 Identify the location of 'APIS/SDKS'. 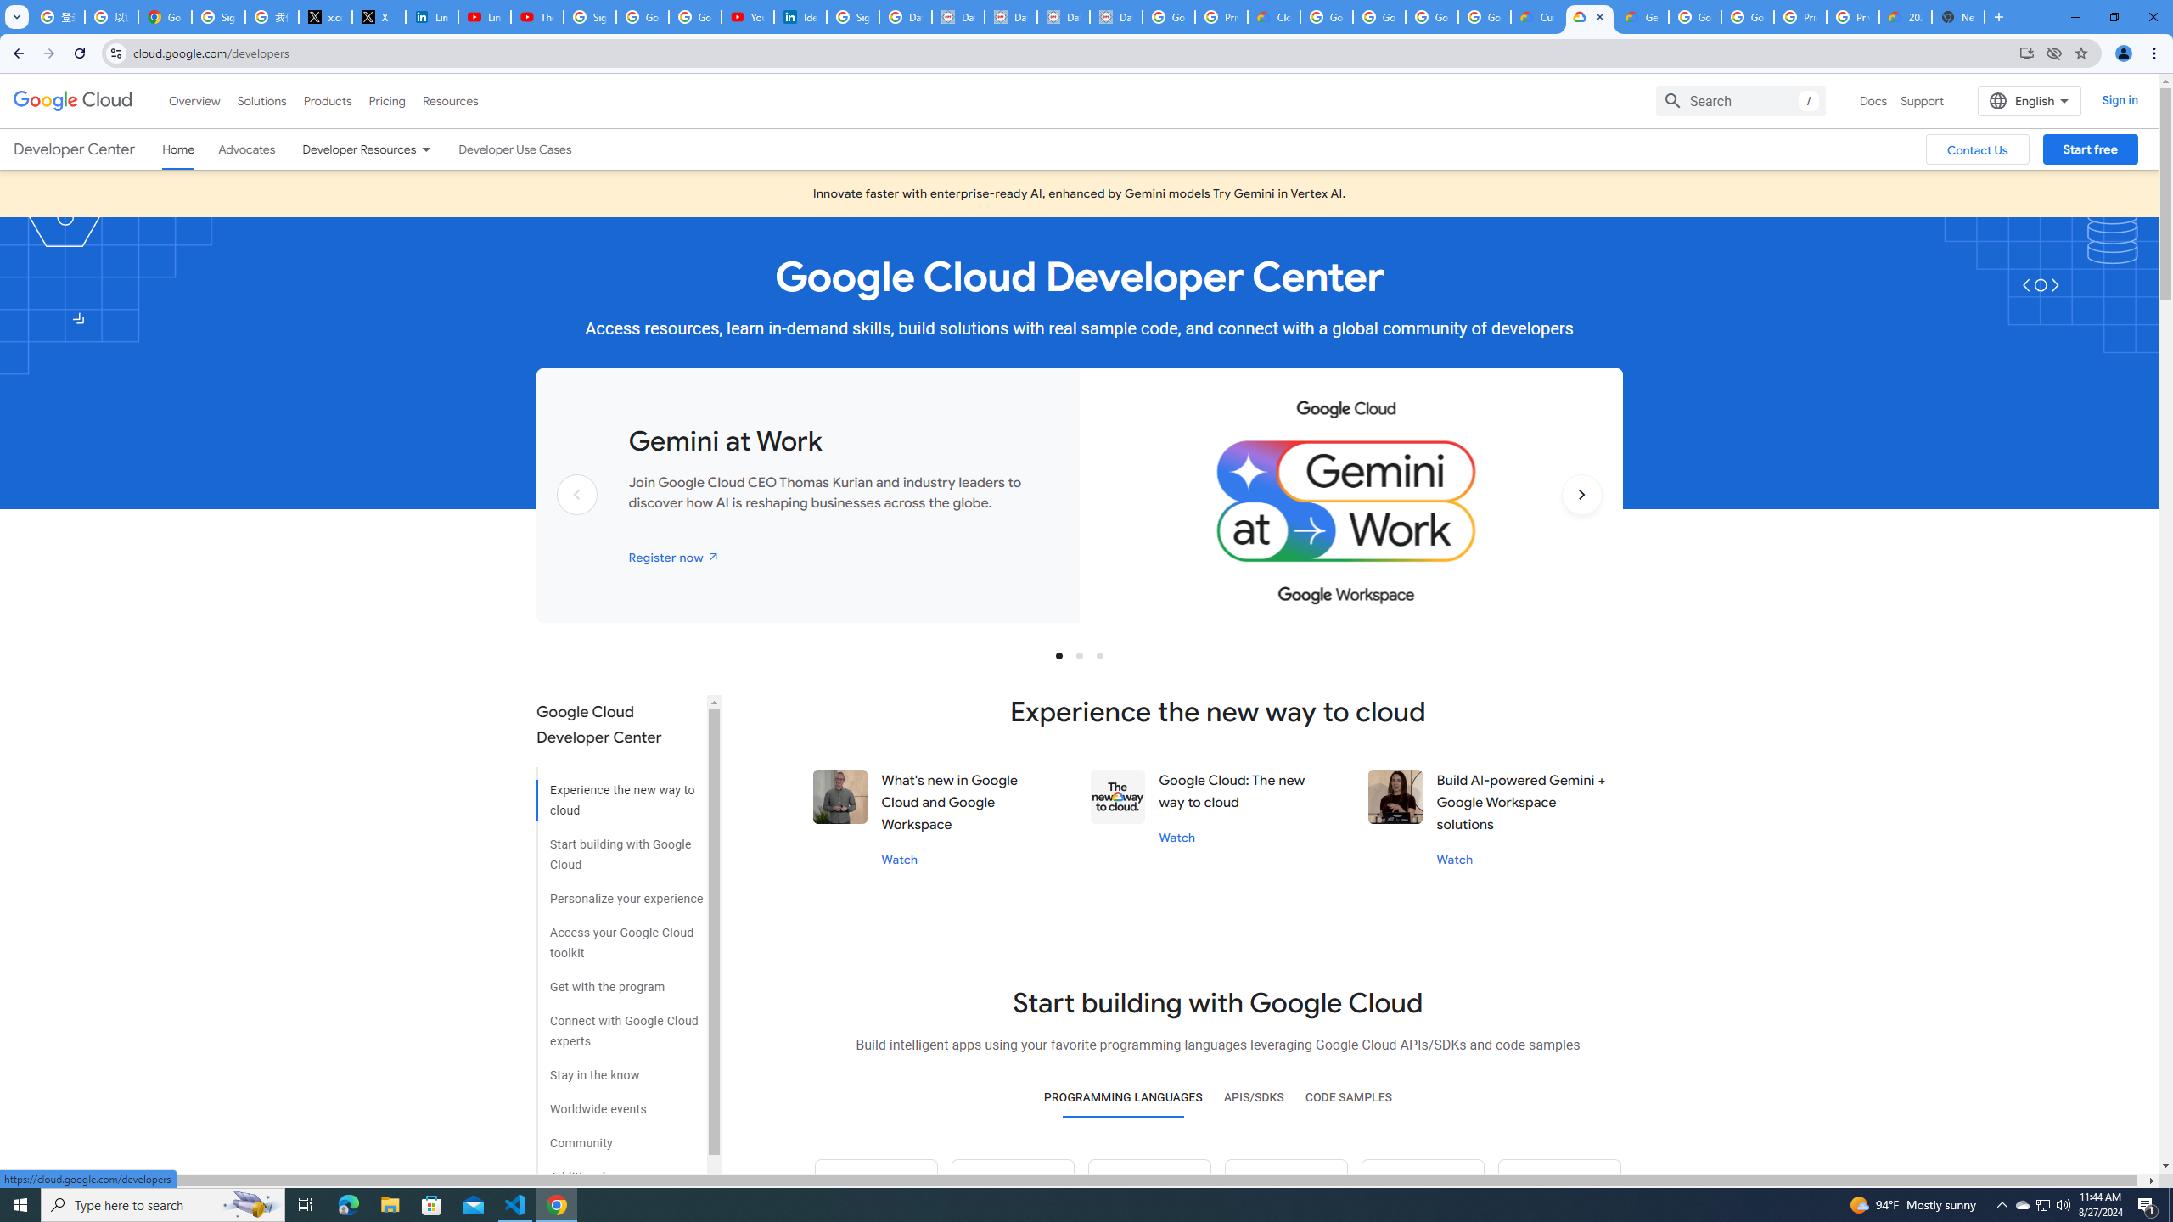
(1253, 1096).